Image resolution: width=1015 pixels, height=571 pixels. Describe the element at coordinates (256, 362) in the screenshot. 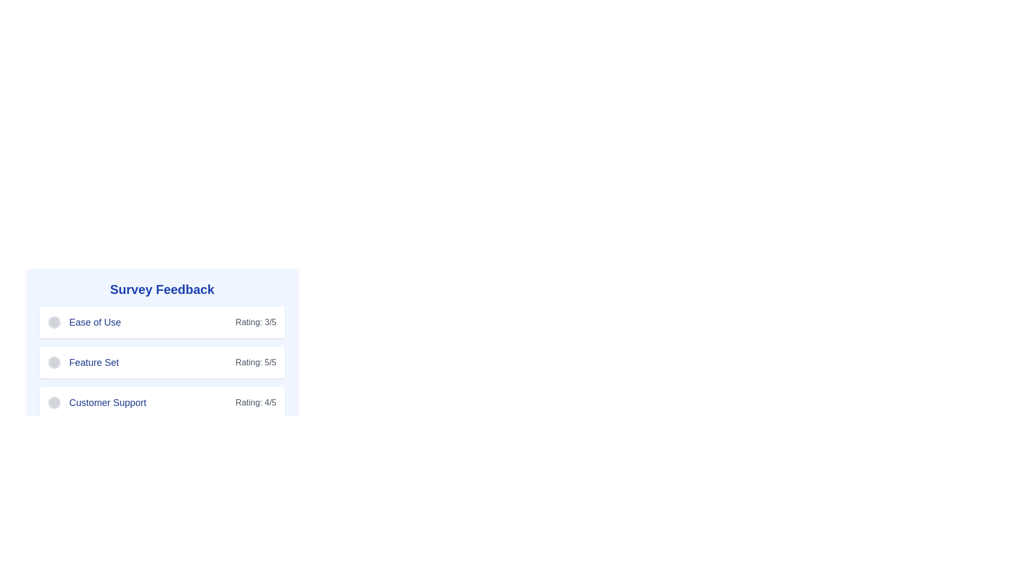

I see `displayed rating value from the text label located to the right of the 'Feature Set' text element, which provides the rating score for the associated feature set` at that location.